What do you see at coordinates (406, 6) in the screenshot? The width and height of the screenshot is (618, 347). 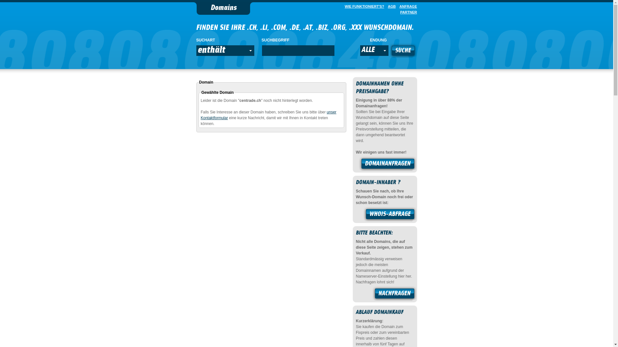 I see `'ANFRAGE'` at bounding box center [406, 6].